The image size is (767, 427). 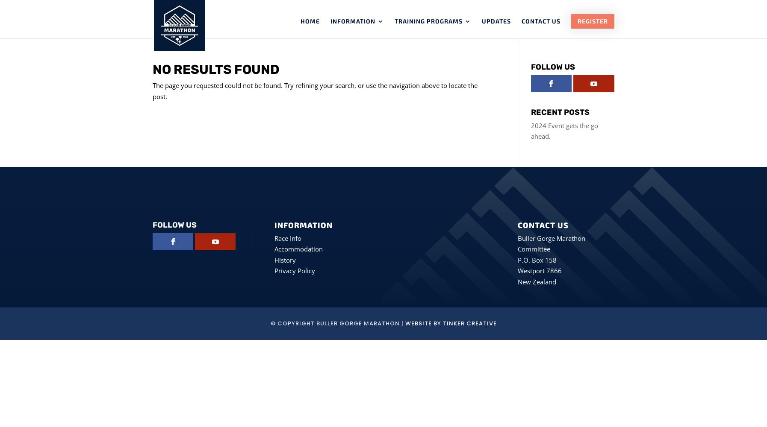 I want to click on 'Website by Tinker Creative', so click(x=404, y=323).